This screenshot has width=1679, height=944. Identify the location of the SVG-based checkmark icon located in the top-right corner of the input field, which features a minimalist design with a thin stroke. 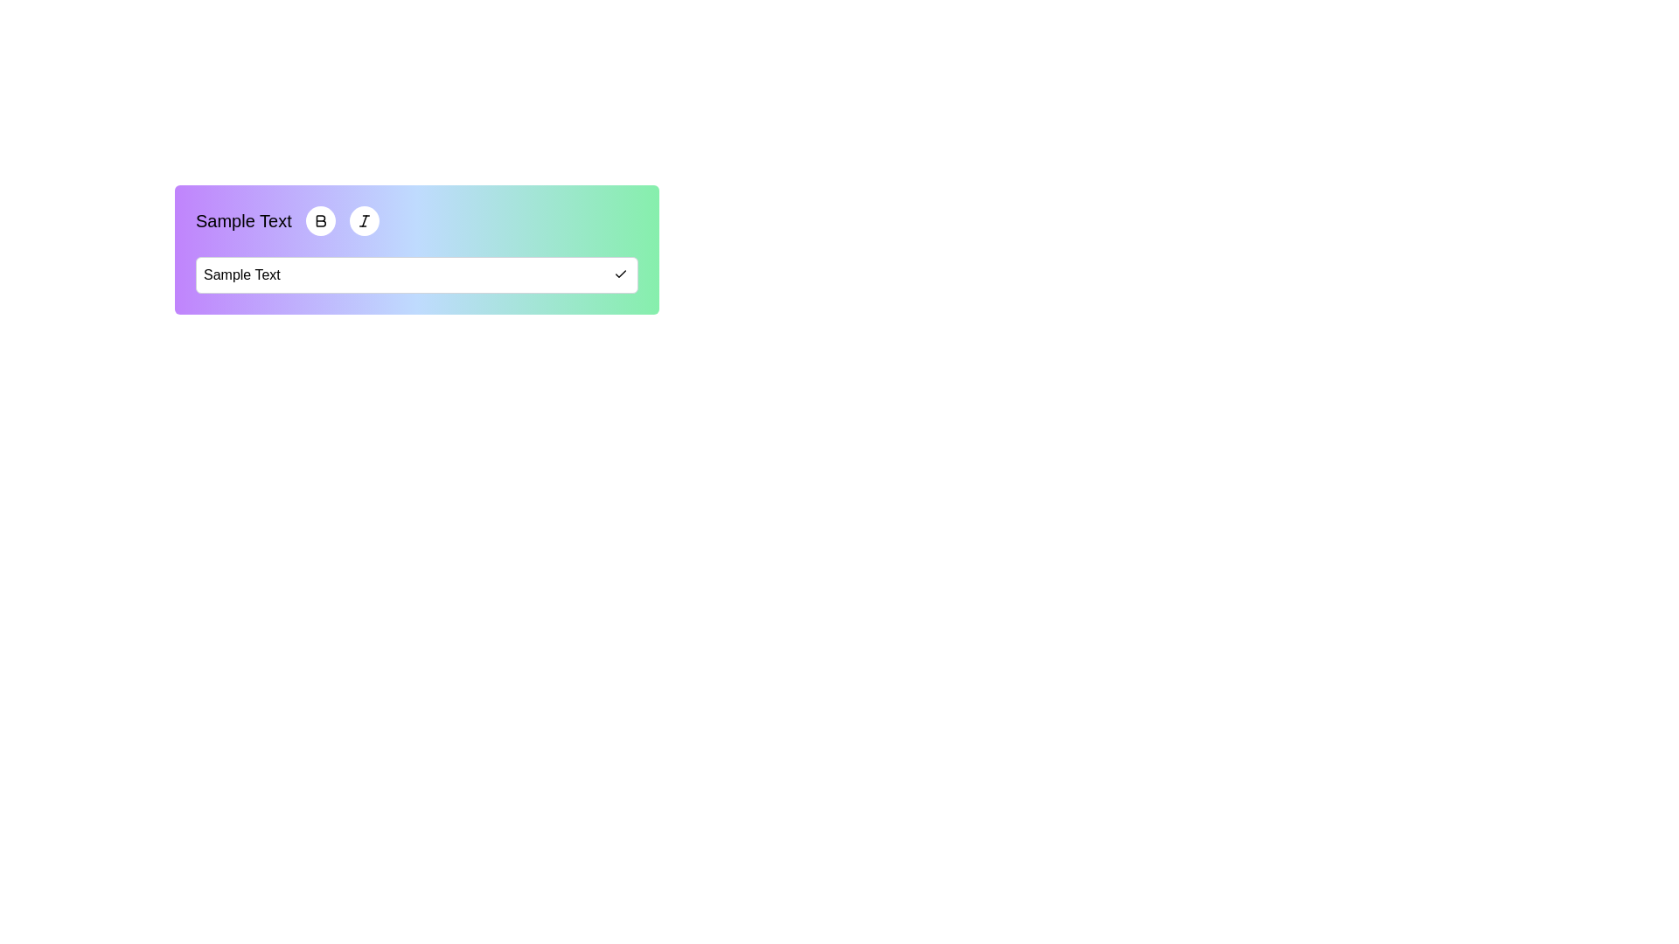
(621, 274).